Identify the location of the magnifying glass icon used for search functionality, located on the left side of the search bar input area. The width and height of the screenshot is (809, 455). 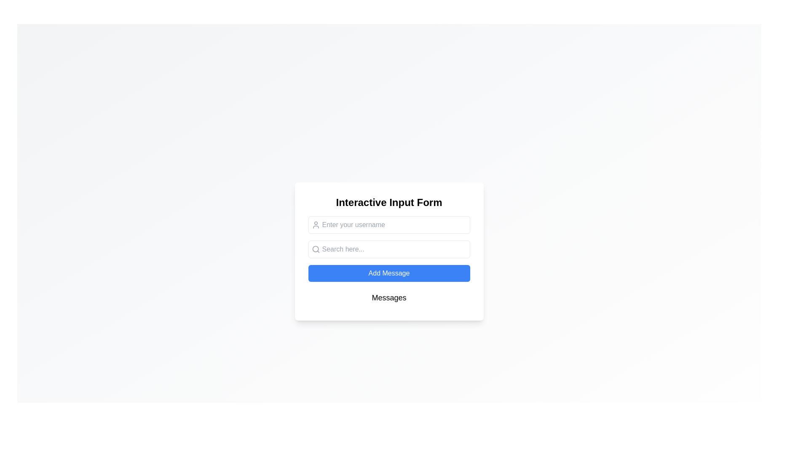
(315, 249).